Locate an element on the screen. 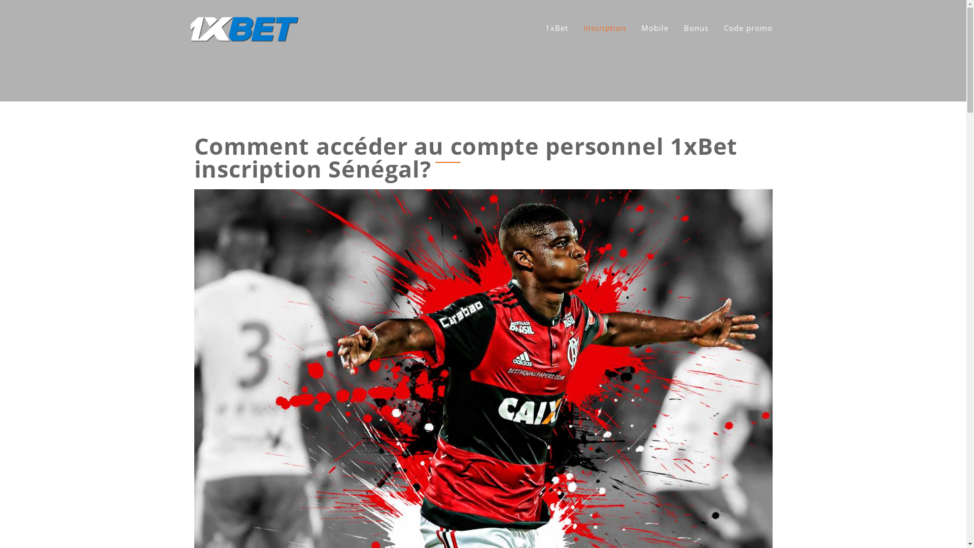  '1xBet' is located at coordinates (544, 27).